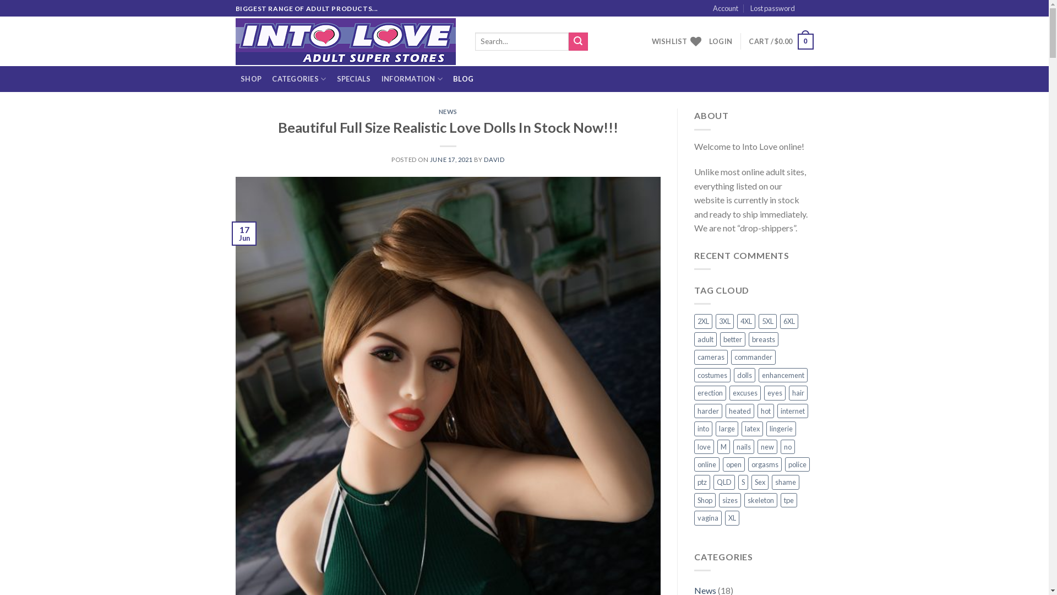 This screenshot has width=1057, height=595. What do you see at coordinates (782, 375) in the screenshot?
I see `'enhancement'` at bounding box center [782, 375].